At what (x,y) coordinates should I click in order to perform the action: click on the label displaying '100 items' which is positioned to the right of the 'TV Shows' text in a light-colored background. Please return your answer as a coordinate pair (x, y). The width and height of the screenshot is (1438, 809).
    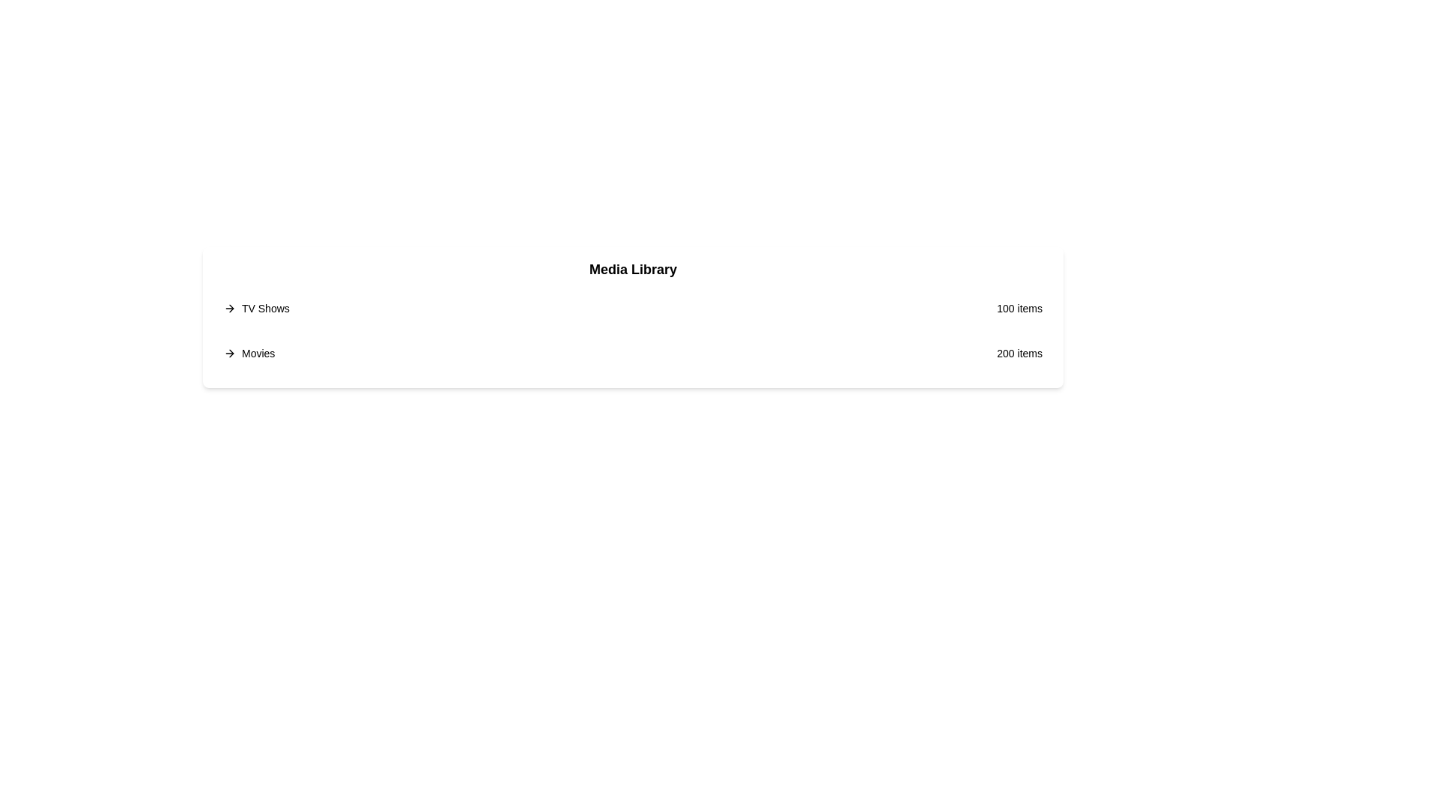
    Looking at the image, I should click on (1019, 308).